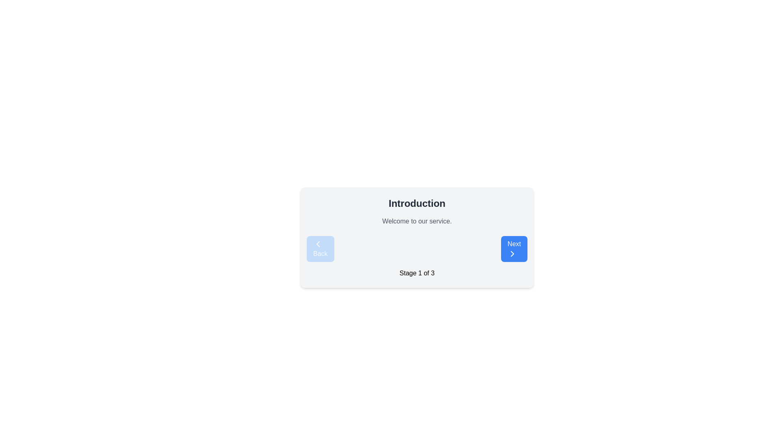 The image size is (779, 438). What do you see at coordinates (320, 248) in the screenshot?
I see `the backward navigation button located at the bottom-left corner of the interface` at bounding box center [320, 248].